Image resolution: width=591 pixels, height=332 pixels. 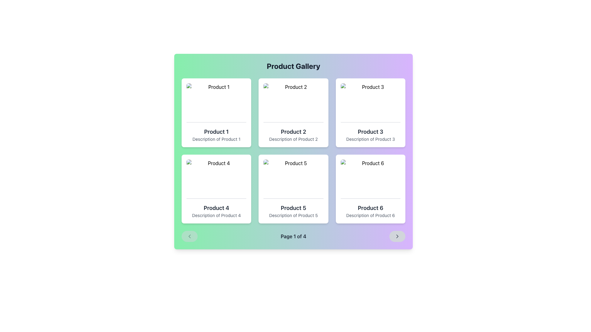 What do you see at coordinates (370, 131) in the screenshot?
I see `the static text label that reads 'Product 3', which is a large, bold, dark-colored text label positioned below the product image` at bounding box center [370, 131].